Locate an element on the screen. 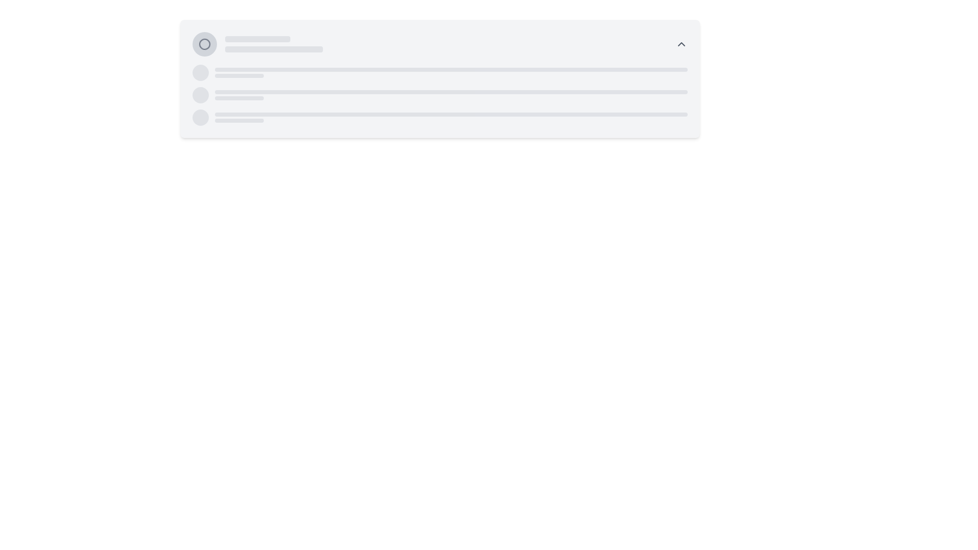 The image size is (978, 550). the Loading Placeholder, which is a gray rectangular bar with rounded borders located below a smaller horizontal bar in the top-left corner of the interface is located at coordinates (239, 75).